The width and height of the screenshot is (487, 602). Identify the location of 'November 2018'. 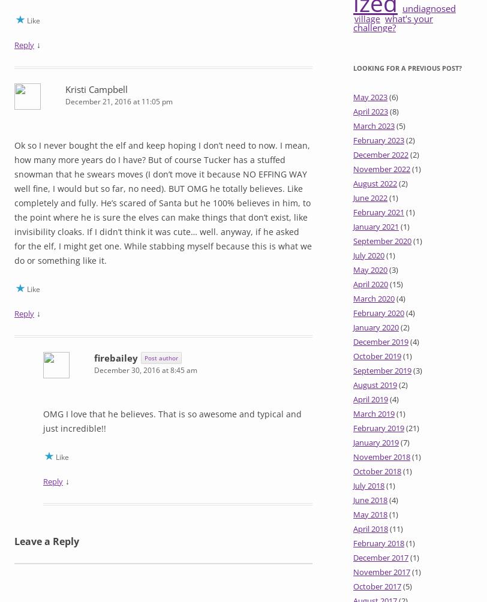
(381, 457).